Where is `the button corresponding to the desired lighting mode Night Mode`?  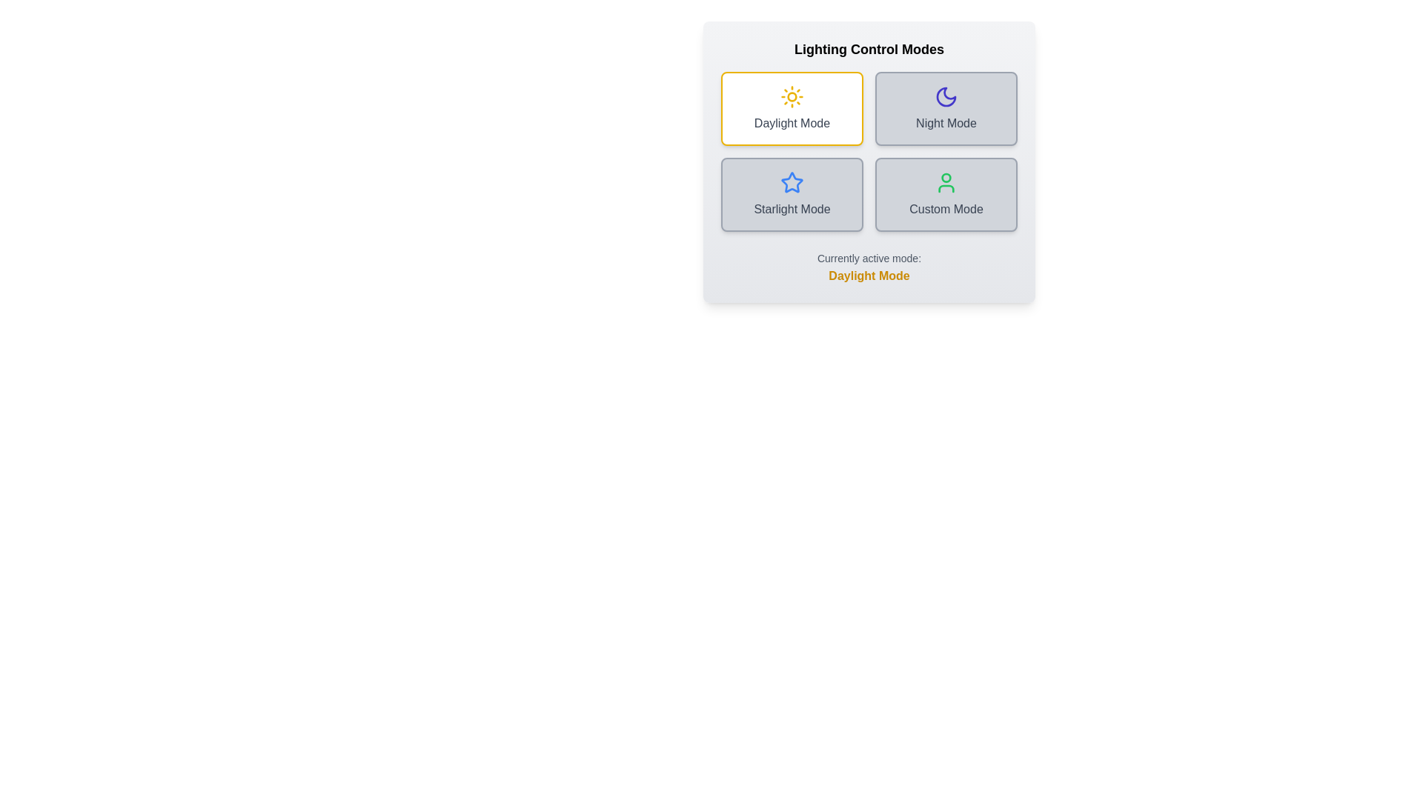 the button corresponding to the desired lighting mode Night Mode is located at coordinates (945, 107).